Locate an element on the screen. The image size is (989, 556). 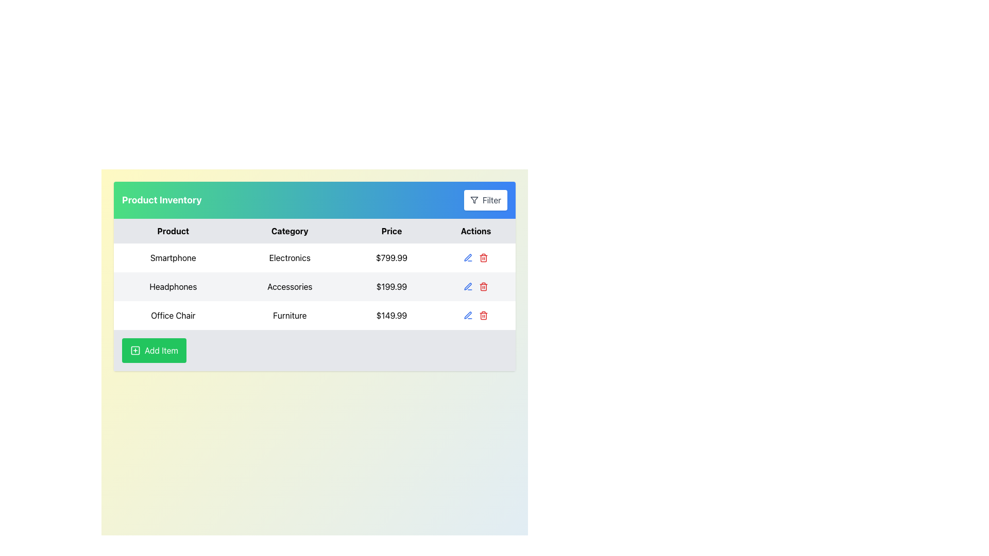
the decorative icon on the green 'Add Item' button located at the bottom left corner of the product inventory section is located at coordinates (135, 350).